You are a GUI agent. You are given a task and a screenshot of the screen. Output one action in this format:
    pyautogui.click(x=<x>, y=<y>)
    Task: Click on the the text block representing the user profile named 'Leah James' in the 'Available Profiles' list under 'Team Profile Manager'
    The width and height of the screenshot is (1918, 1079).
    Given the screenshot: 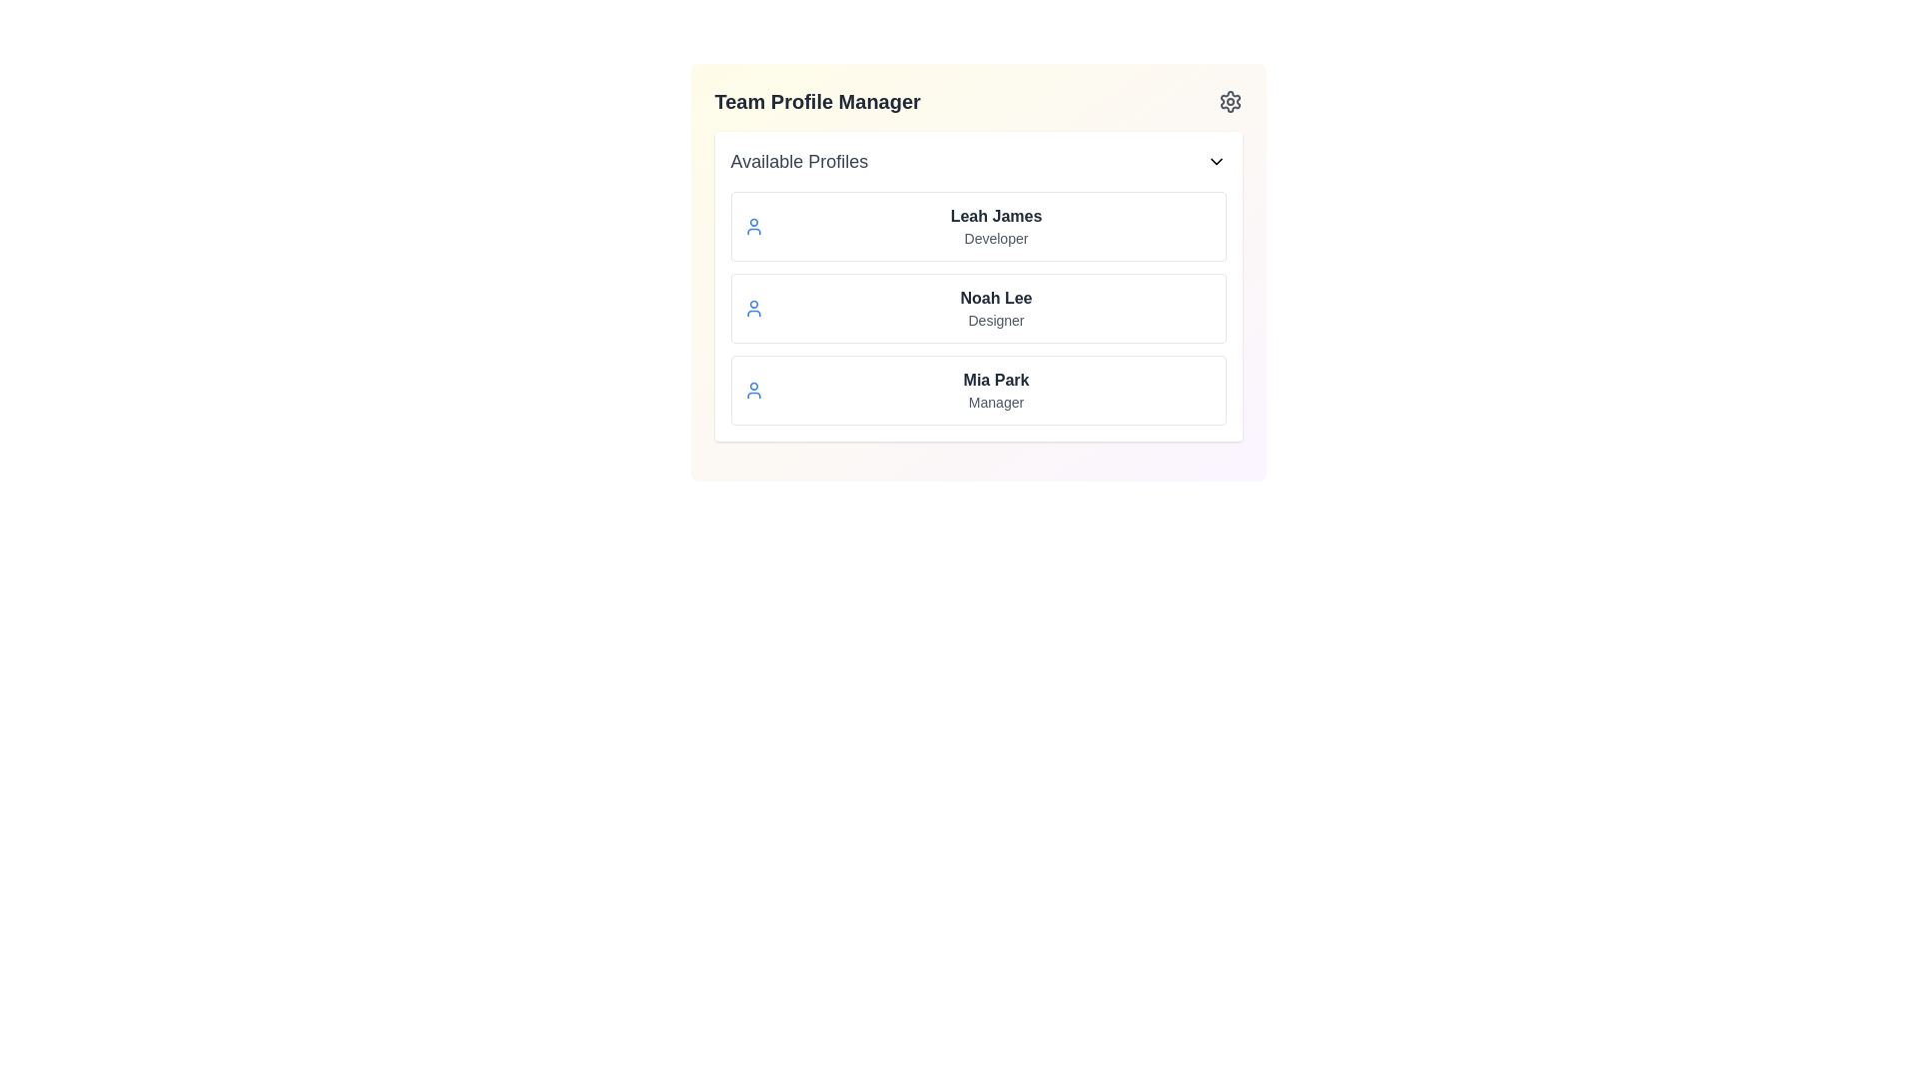 What is the action you would take?
    pyautogui.click(x=996, y=226)
    